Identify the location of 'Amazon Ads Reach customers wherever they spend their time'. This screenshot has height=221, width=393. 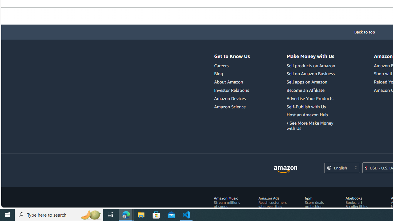
(272, 204).